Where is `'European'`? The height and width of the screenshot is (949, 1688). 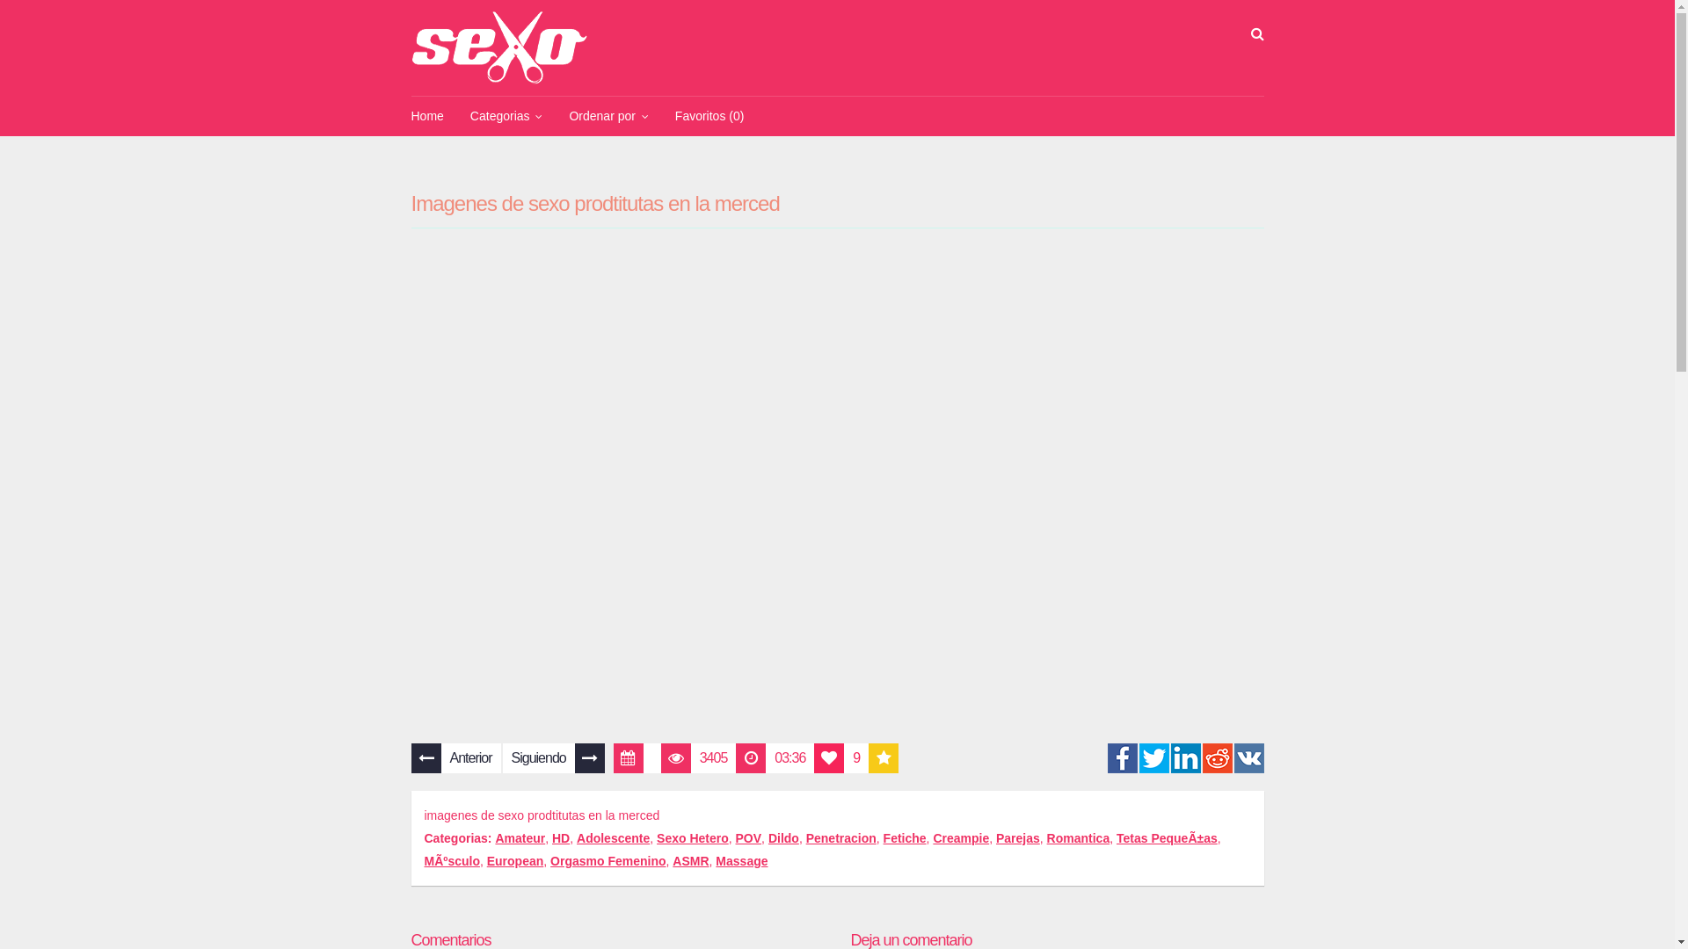 'European' is located at coordinates (514, 859).